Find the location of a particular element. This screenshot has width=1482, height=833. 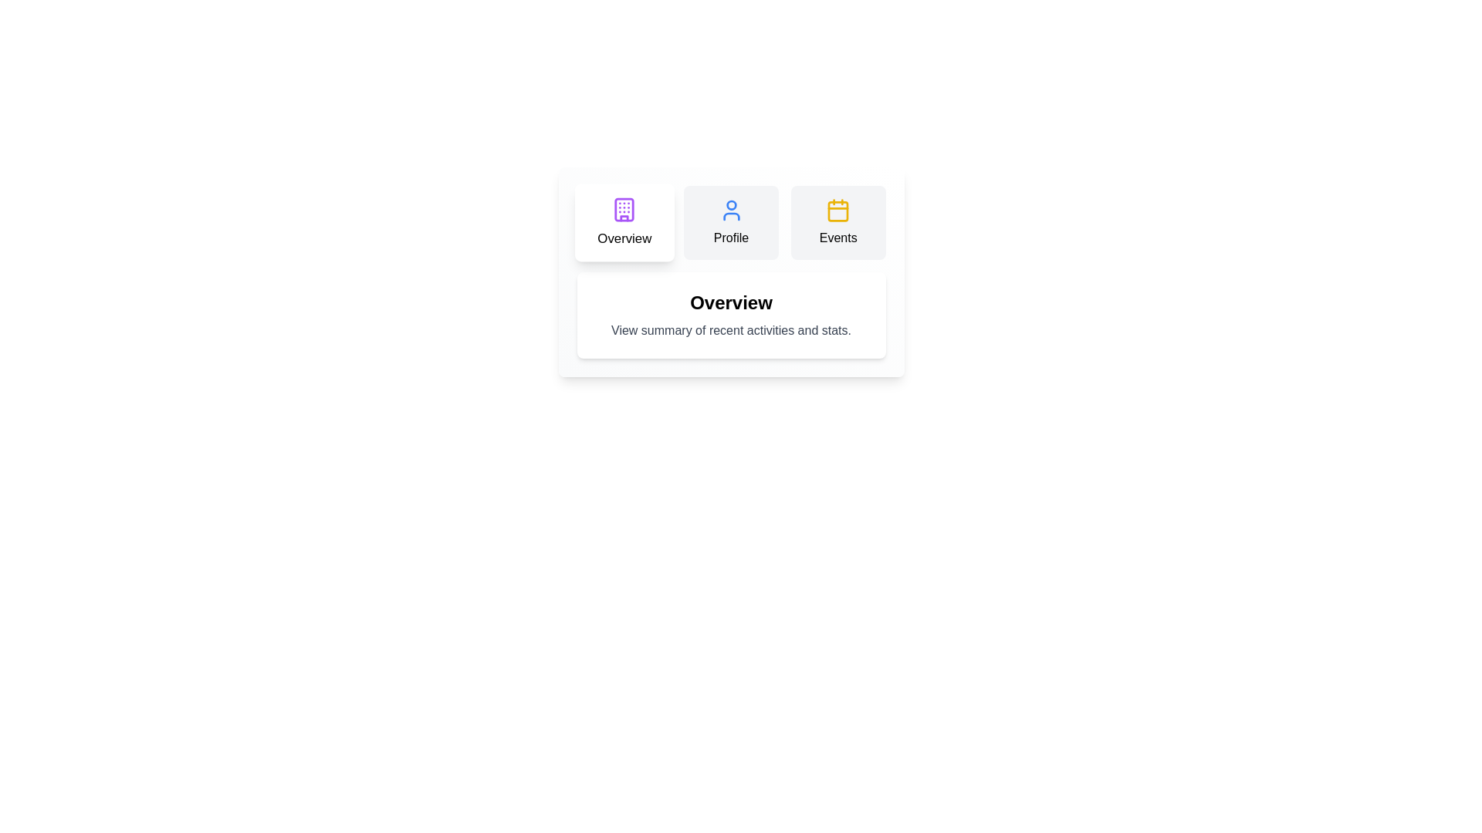

the tab button labeled Profile to switch to the corresponding tab is located at coordinates (730, 223).